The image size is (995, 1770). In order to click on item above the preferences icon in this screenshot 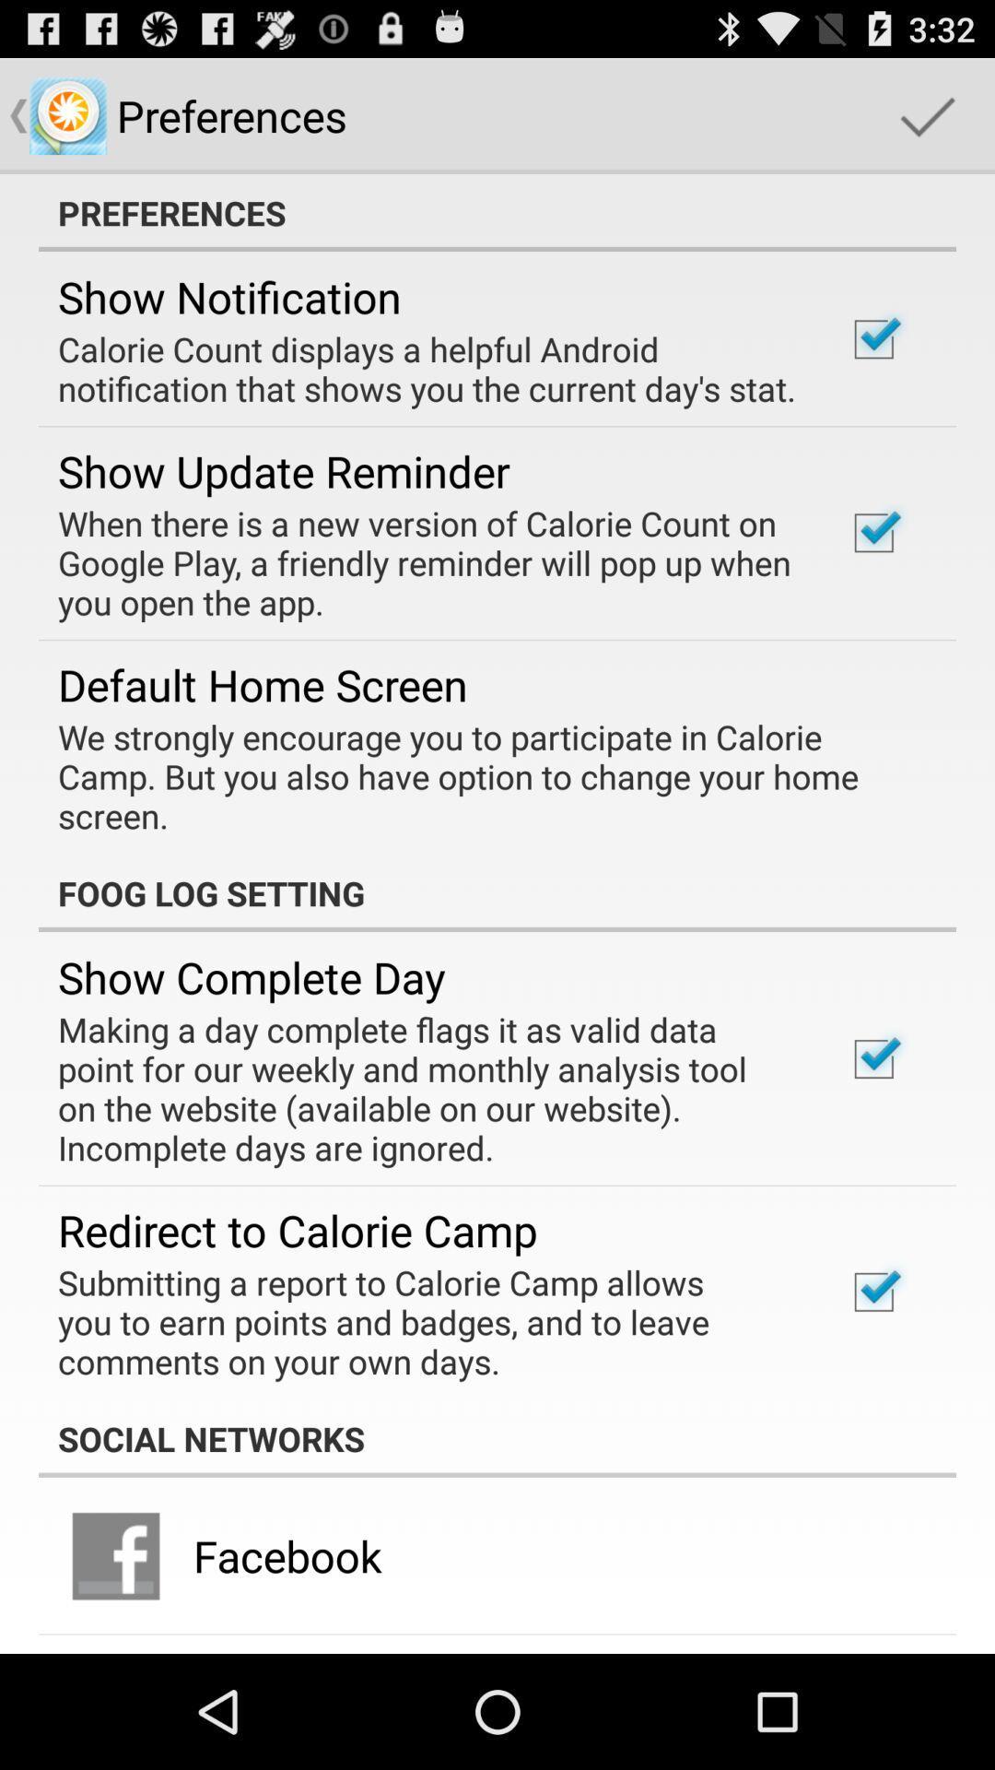, I will do `click(927, 114)`.